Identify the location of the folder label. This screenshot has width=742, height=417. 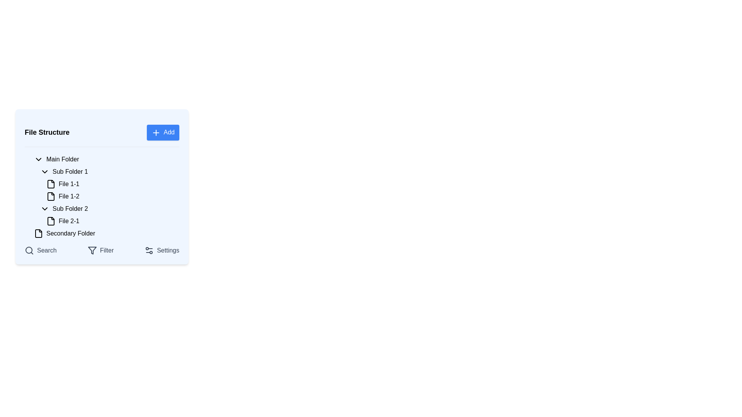
(63, 159).